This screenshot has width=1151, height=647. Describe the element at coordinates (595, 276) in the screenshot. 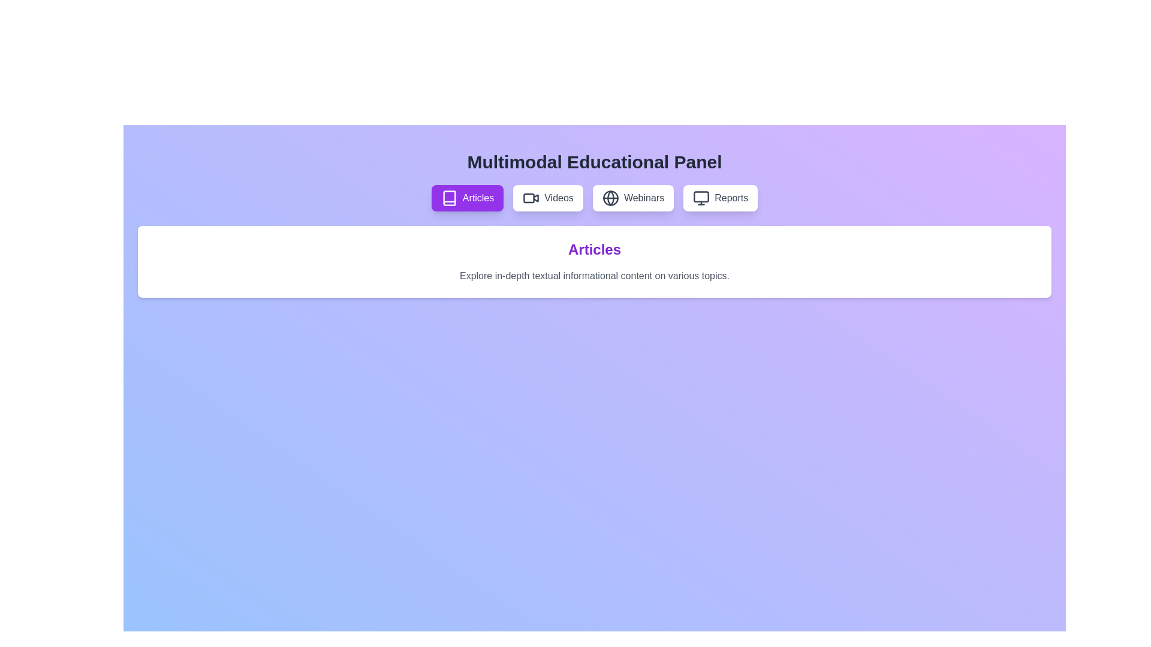

I see `the text block that reads 'Explore in-depth textual informational content on various topics.' which is styled with a smaller, subtle font size and gray color, located centrally below the heading 'Articles'` at that location.